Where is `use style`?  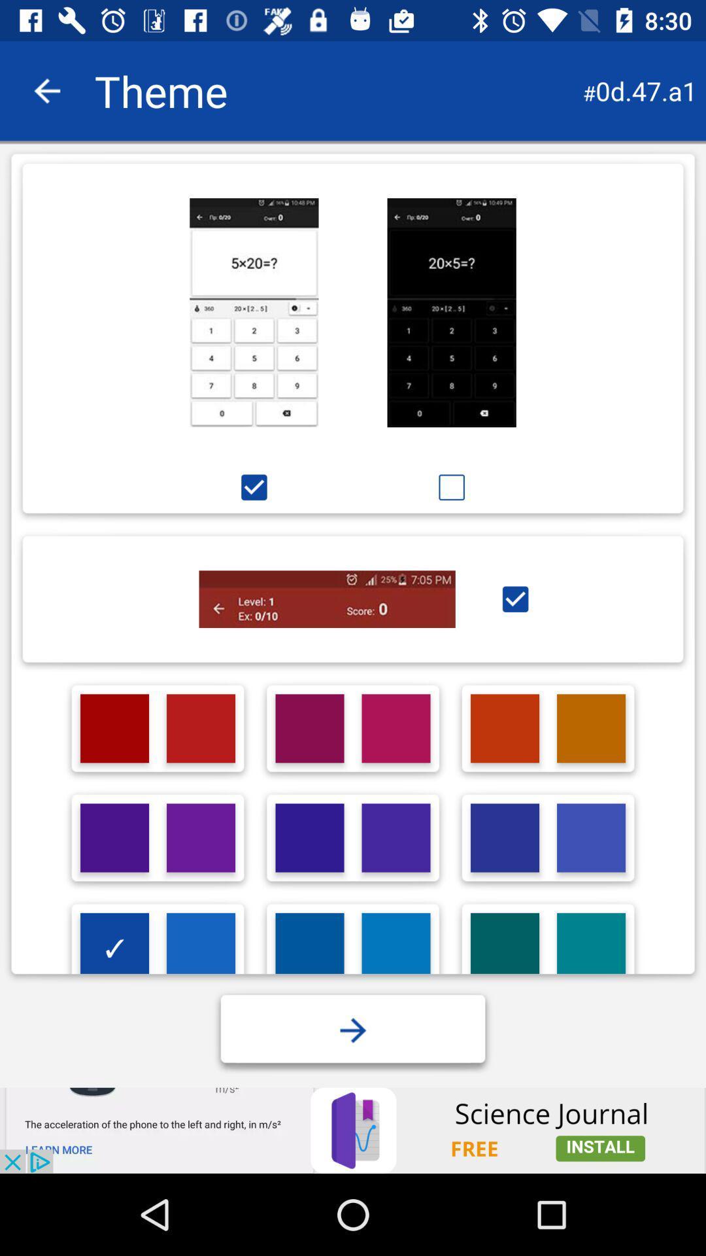 use style is located at coordinates (514, 599).